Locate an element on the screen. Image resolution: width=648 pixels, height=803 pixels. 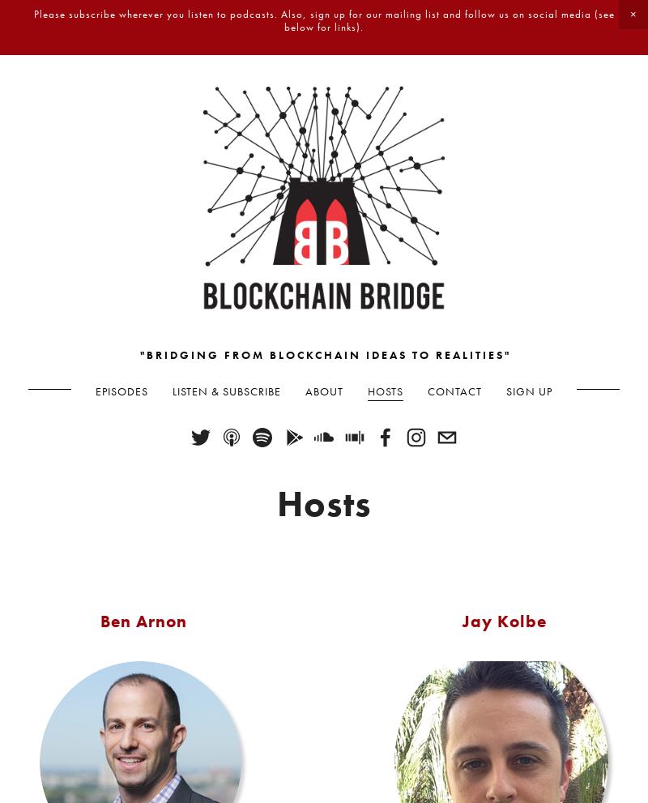
'Ben Arnon' is located at coordinates (142, 619).